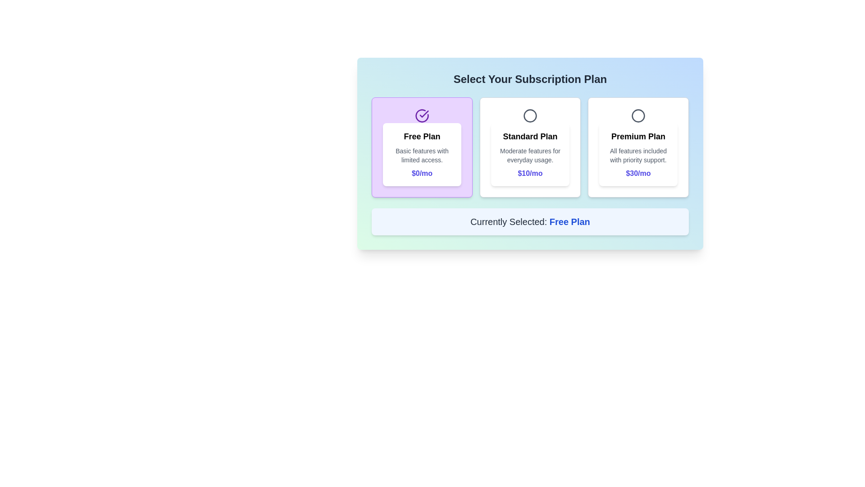  What do you see at coordinates (637, 115) in the screenshot?
I see `the decorative icon at the top of the Premium Plan card, which is the rightmost subscription plan displayed` at bounding box center [637, 115].